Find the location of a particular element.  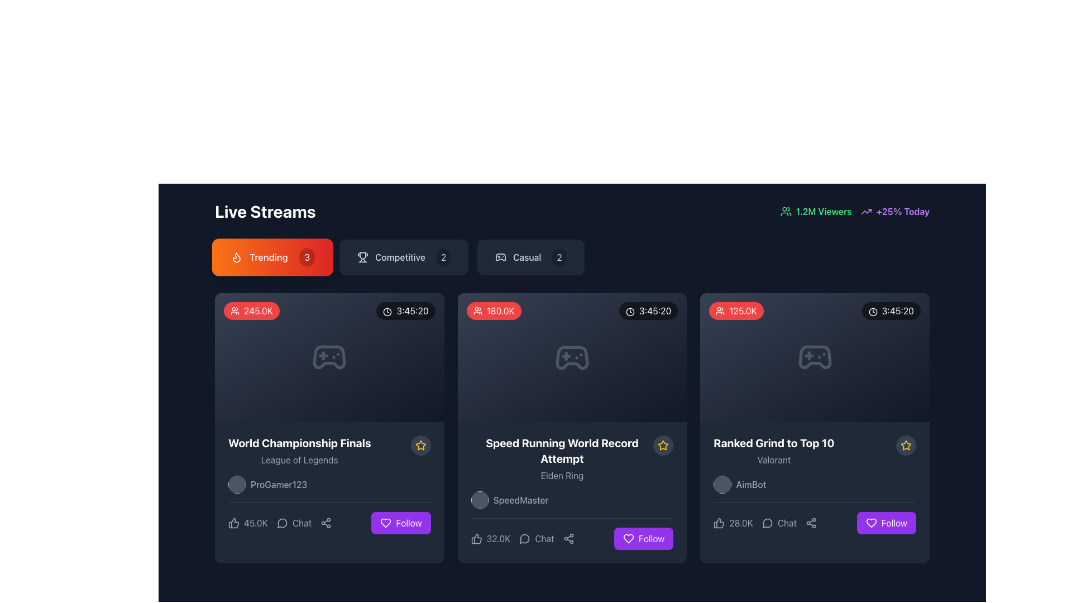

the star icon with a yellow border indicating a highlighted state in the card titled 'Speed Running World Record Attempt' is located at coordinates (420, 444).